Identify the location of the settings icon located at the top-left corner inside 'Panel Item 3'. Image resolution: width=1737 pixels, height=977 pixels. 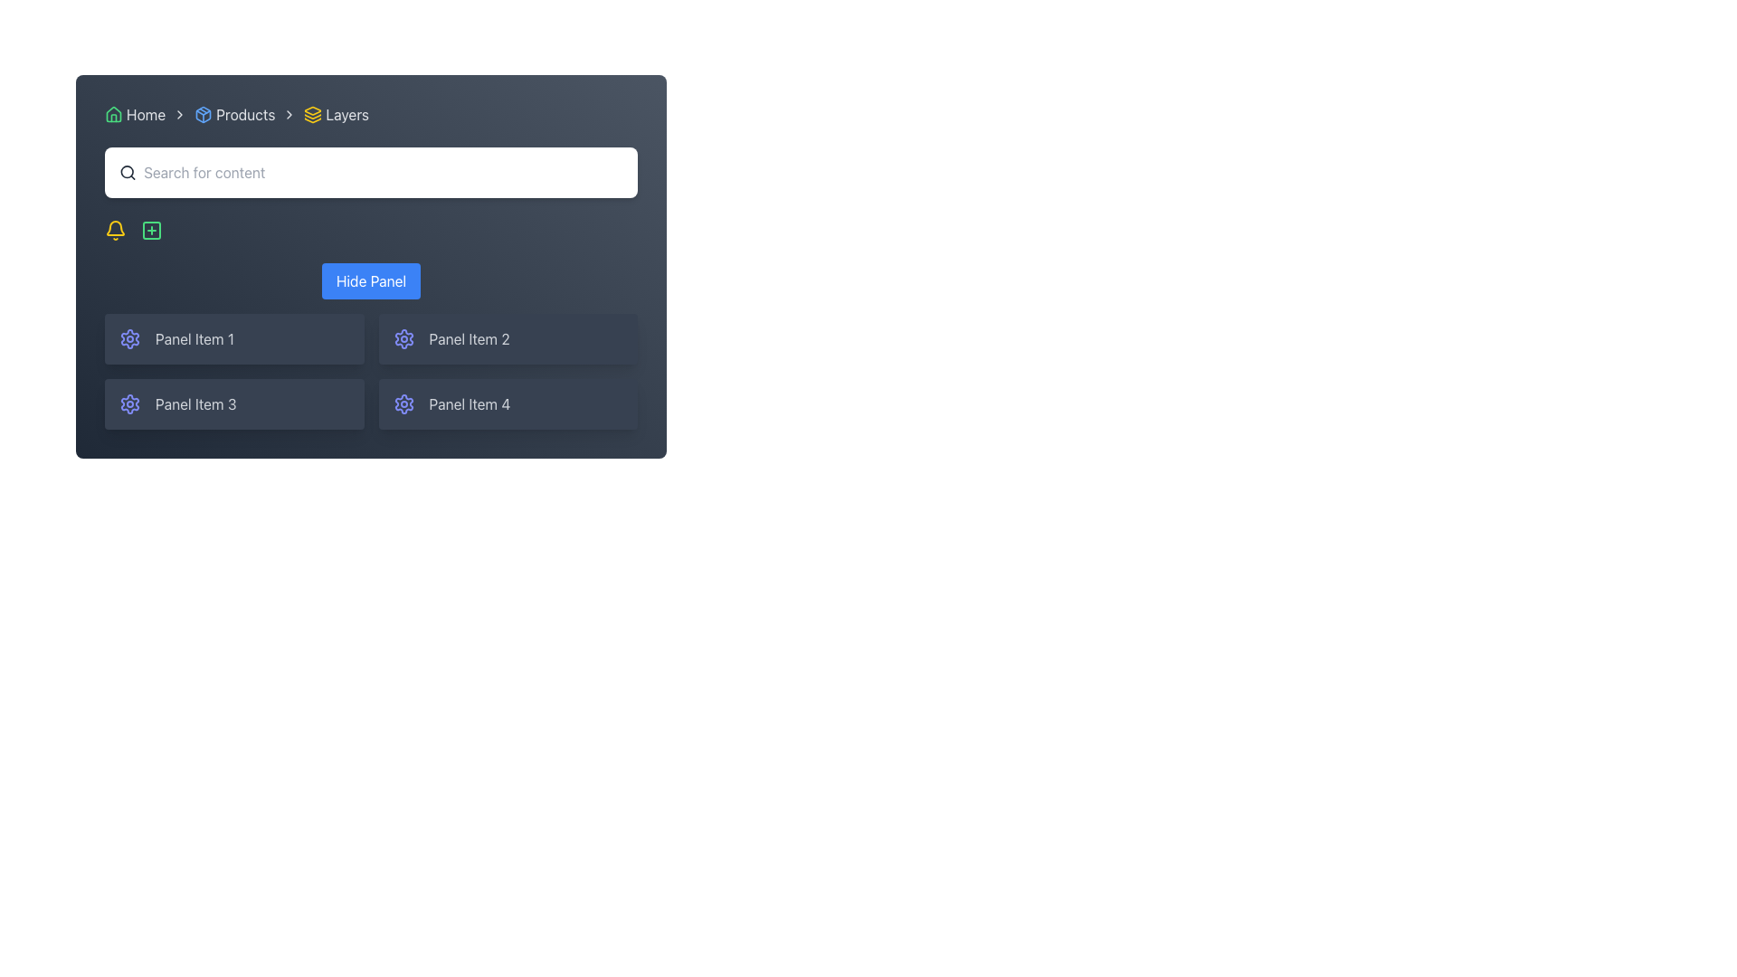
(129, 403).